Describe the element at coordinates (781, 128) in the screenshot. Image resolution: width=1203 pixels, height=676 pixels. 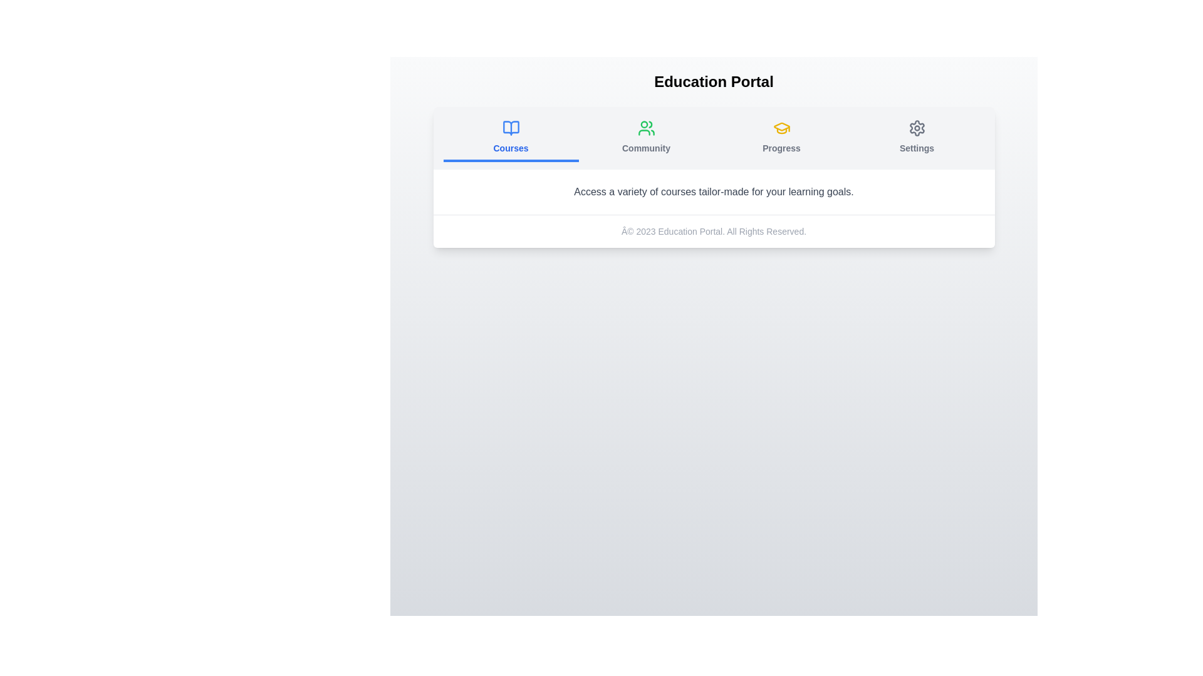
I see `the graduation cap icon with a yellow color theme located above the 'Progress' text in the navigation bar` at that location.